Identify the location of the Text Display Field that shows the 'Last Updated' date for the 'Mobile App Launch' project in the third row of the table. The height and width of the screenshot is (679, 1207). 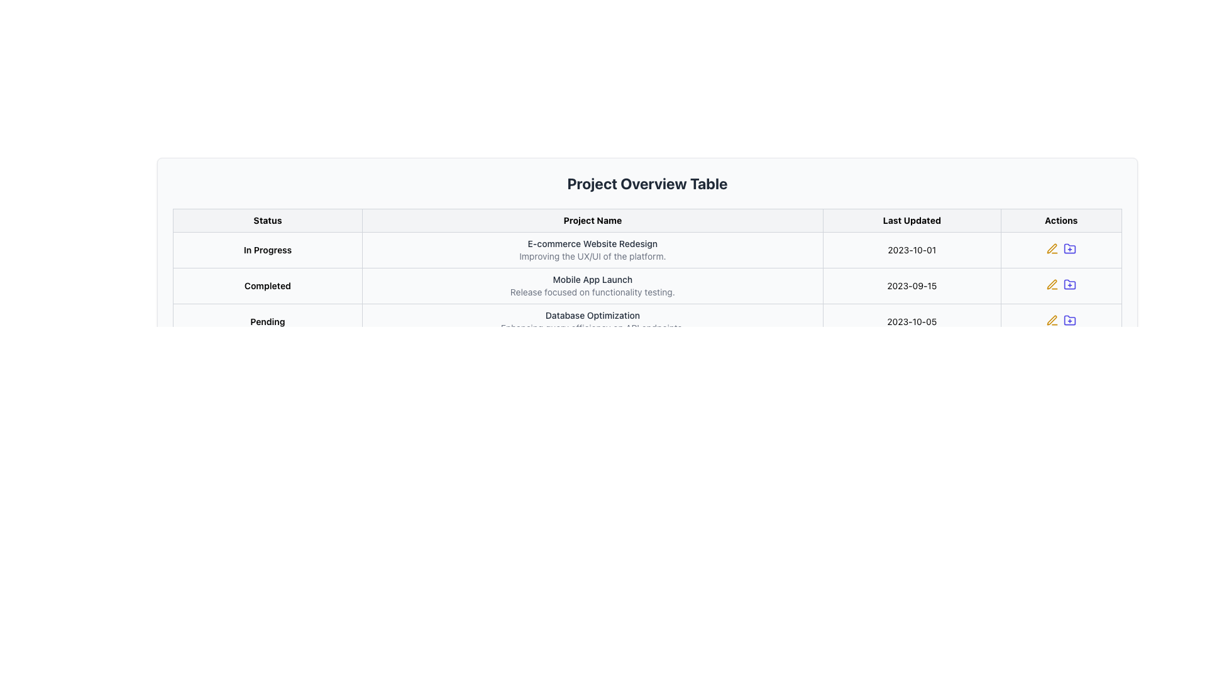
(912, 286).